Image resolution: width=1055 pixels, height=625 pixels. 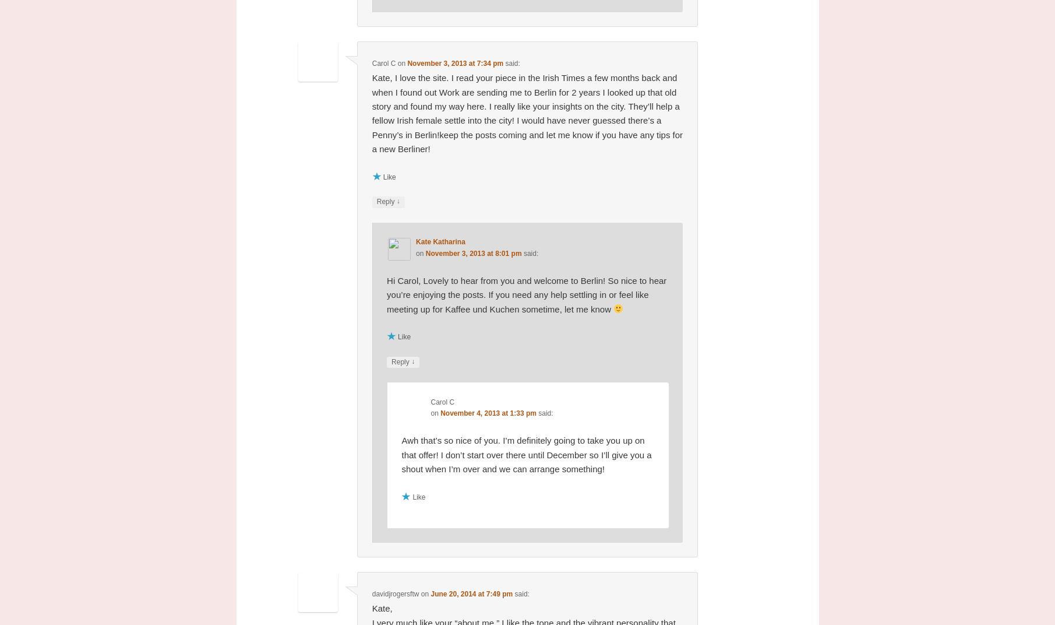 What do you see at coordinates (395, 593) in the screenshot?
I see `'davidjrogersftw'` at bounding box center [395, 593].